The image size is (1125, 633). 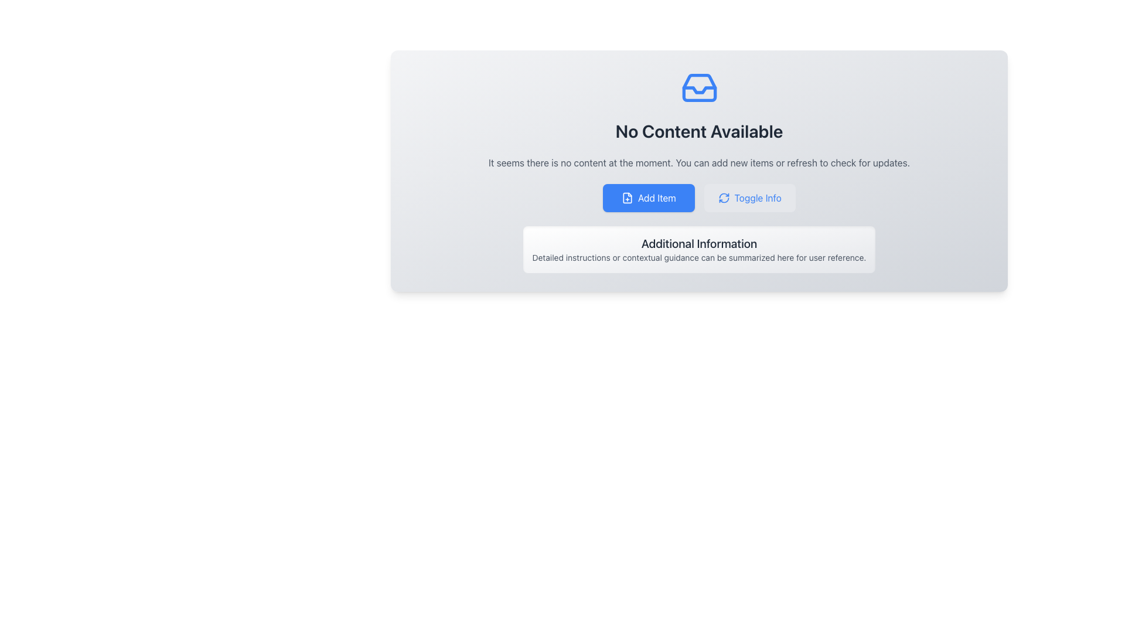 I want to click on the blue inbox icon that is centrally positioned above the 'No Content Available' text within the informational panel, so click(x=699, y=87).